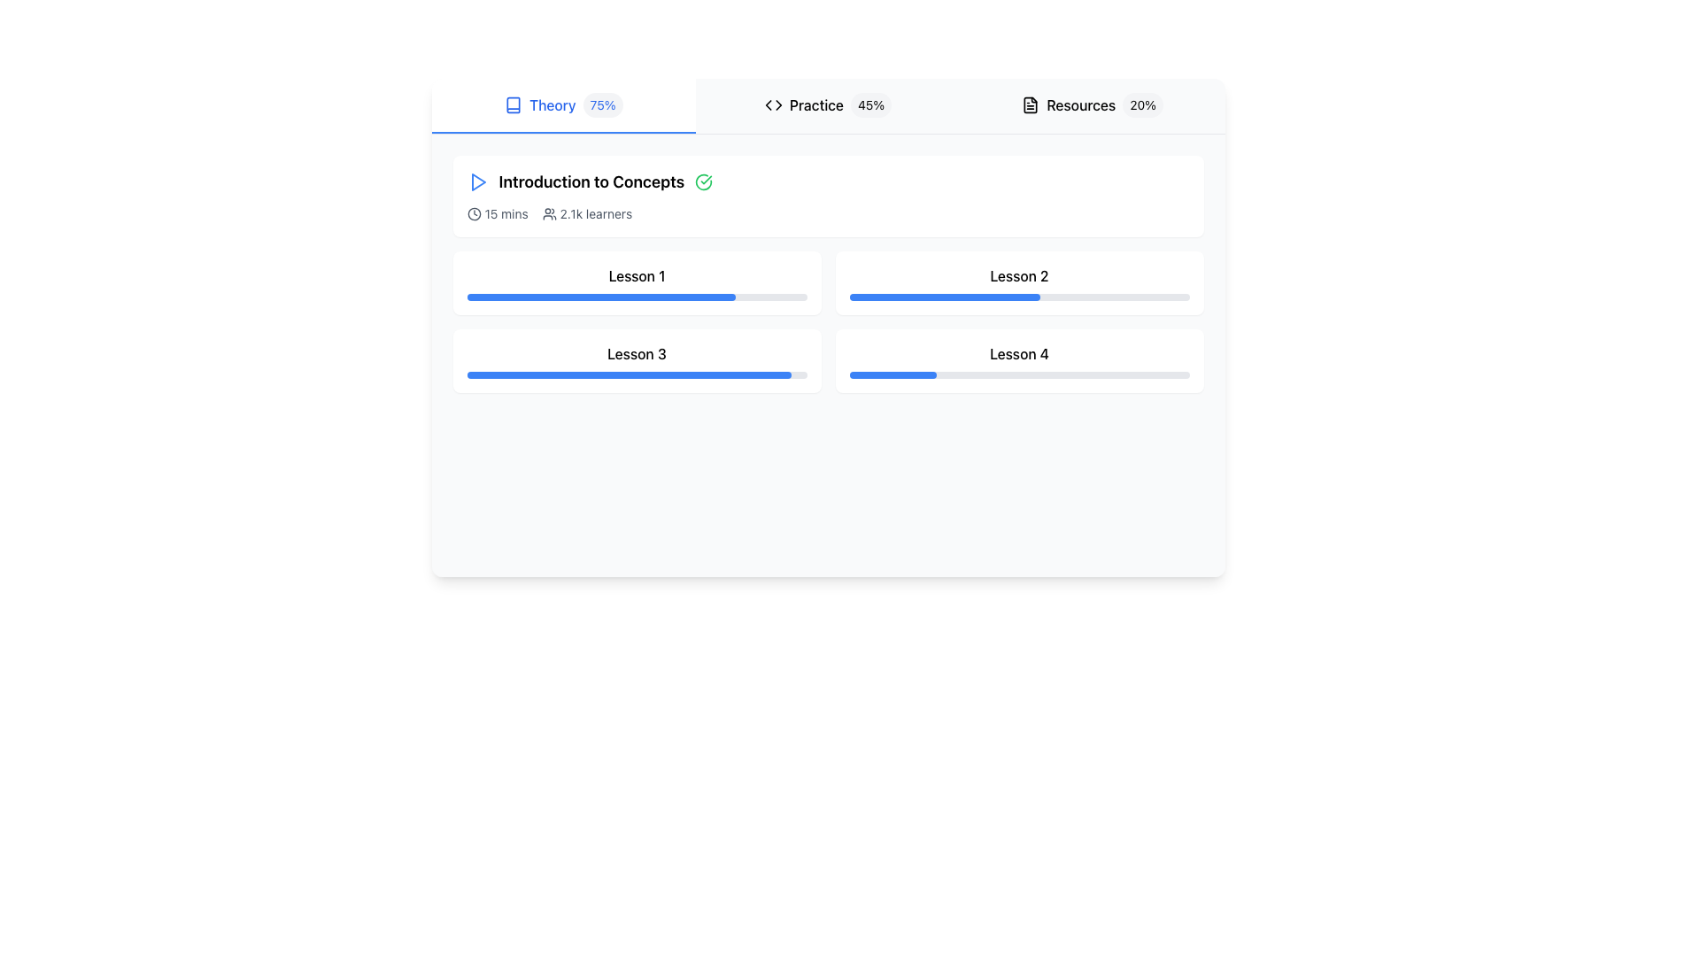  What do you see at coordinates (1019, 296) in the screenshot?
I see `the progress bar representing the completion of 'Lesson 2', located below the text 'Lesson 2' in the second card of a grid layout` at bounding box center [1019, 296].